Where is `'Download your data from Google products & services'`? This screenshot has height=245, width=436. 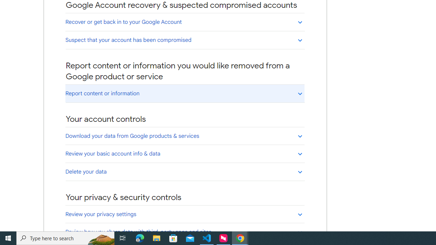
'Download your data from Google products & services' is located at coordinates (185, 136).